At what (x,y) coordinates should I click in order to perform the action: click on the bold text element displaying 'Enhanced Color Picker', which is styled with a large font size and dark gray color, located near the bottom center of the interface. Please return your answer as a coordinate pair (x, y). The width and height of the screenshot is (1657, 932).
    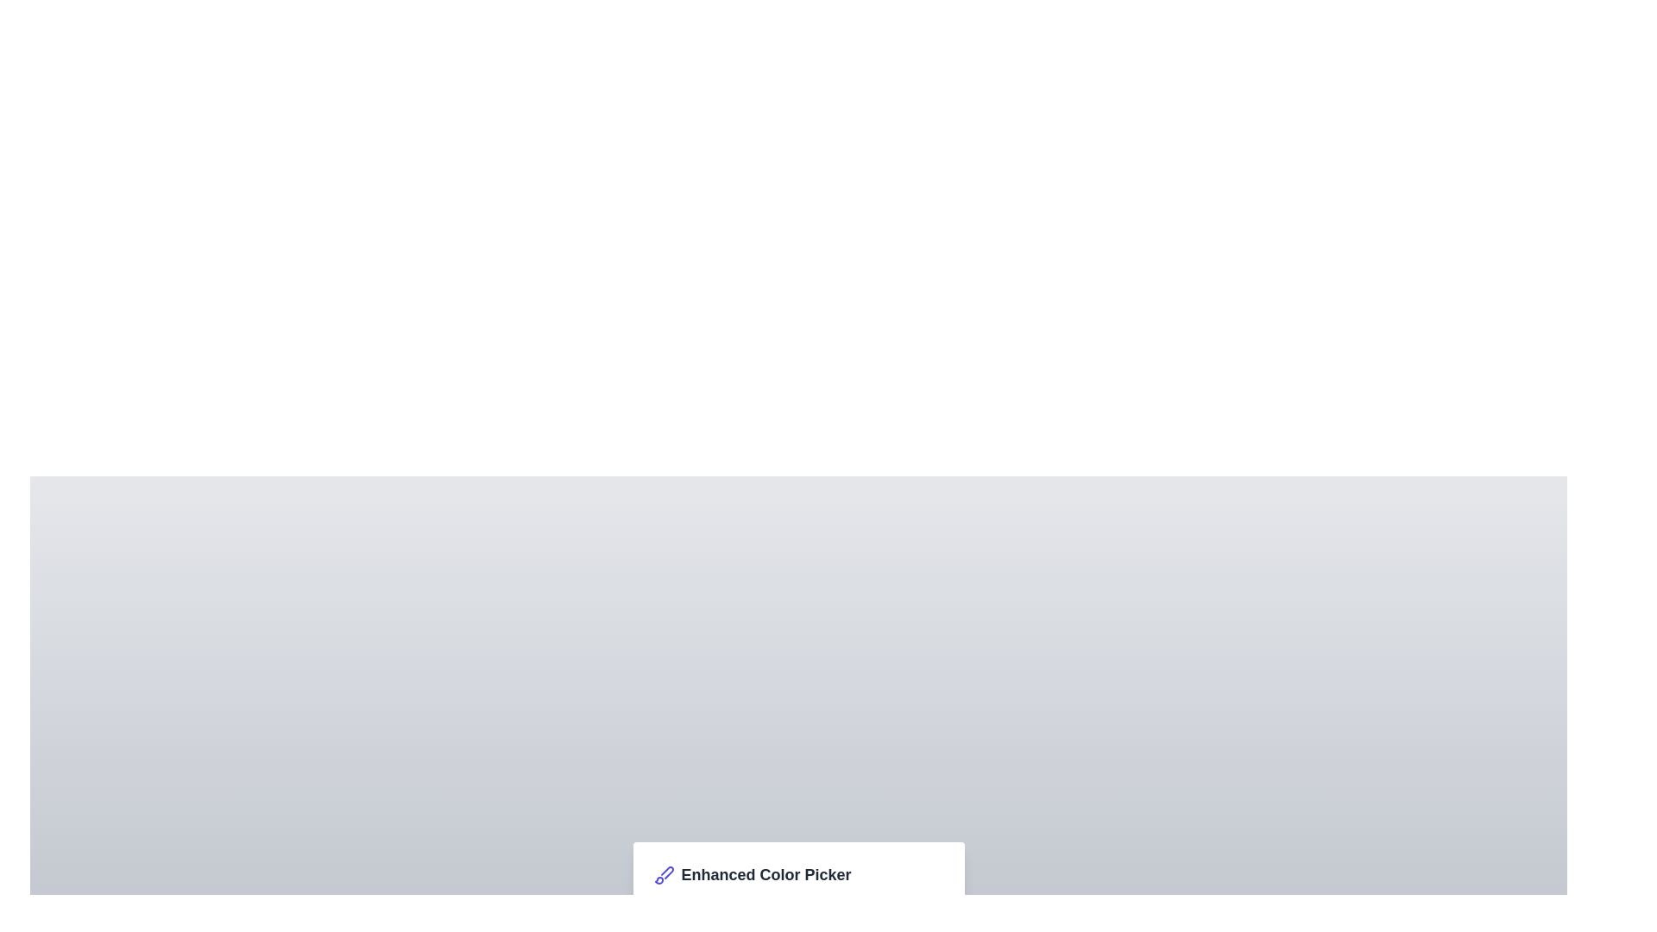
    Looking at the image, I should click on (765, 875).